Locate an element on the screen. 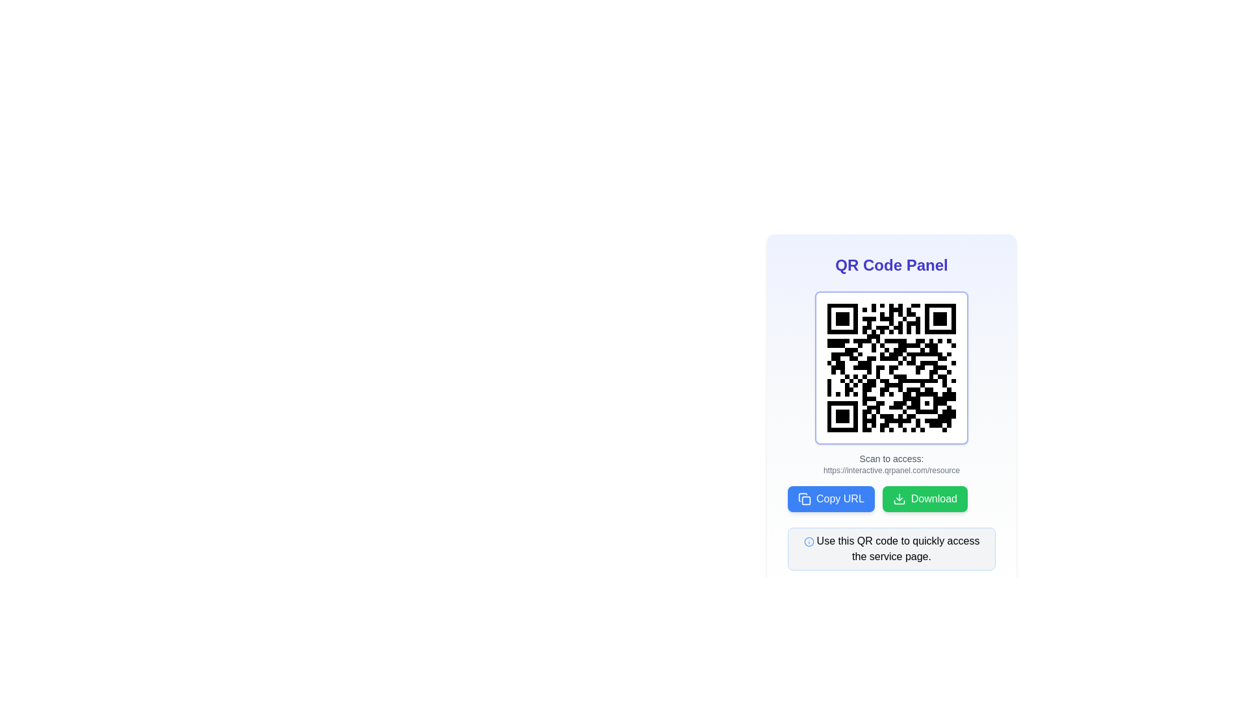 The image size is (1247, 701). the informational text box containing the message 'Use this QR code to quickly access the service page,' which includes an icon with the letter 'i' in blue, positioned within the 'QR Code Panel.' is located at coordinates (890, 548).